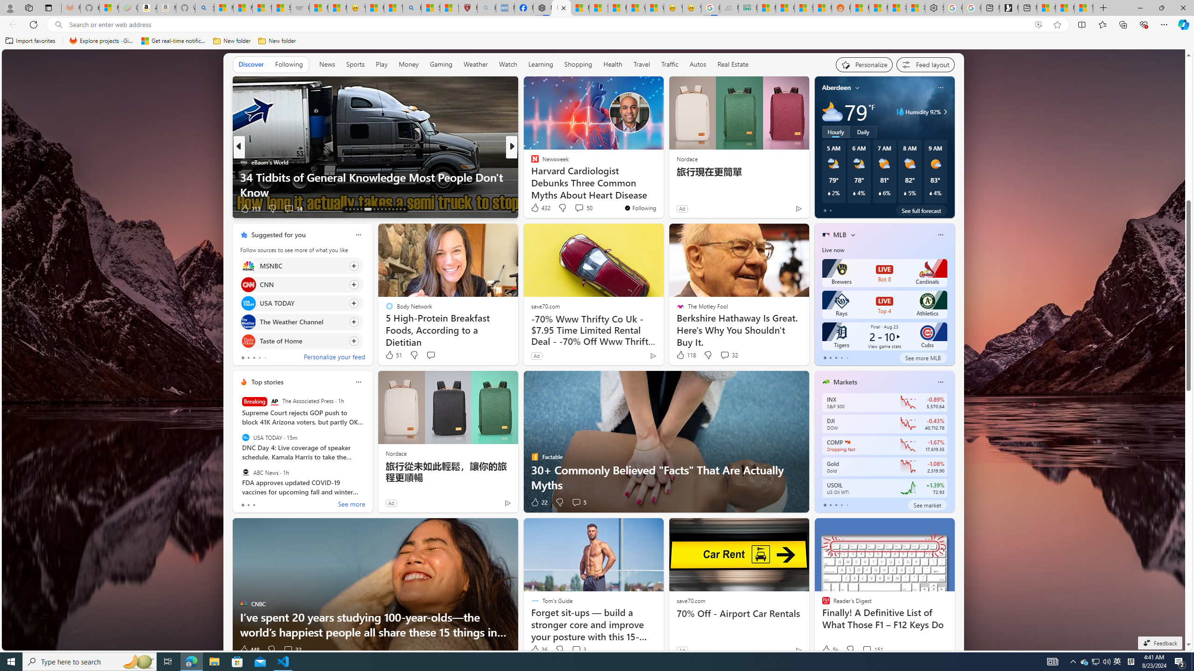  I want to click on 'View comments 151 Comment', so click(873, 649).